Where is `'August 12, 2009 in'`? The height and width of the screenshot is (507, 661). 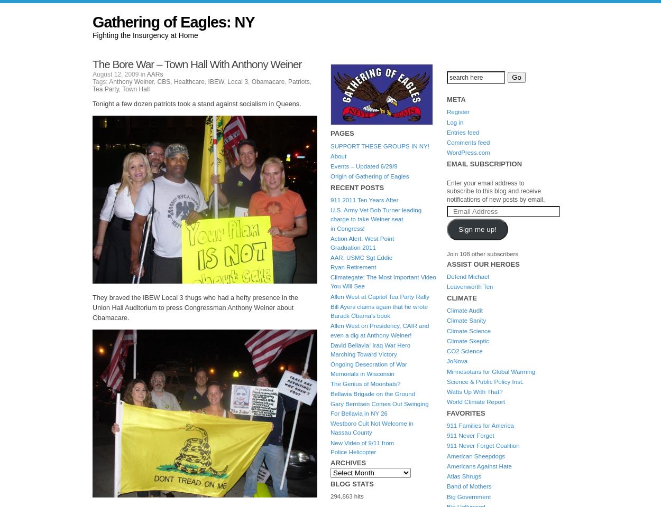 'August 12, 2009 in' is located at coordinates (93, 74).